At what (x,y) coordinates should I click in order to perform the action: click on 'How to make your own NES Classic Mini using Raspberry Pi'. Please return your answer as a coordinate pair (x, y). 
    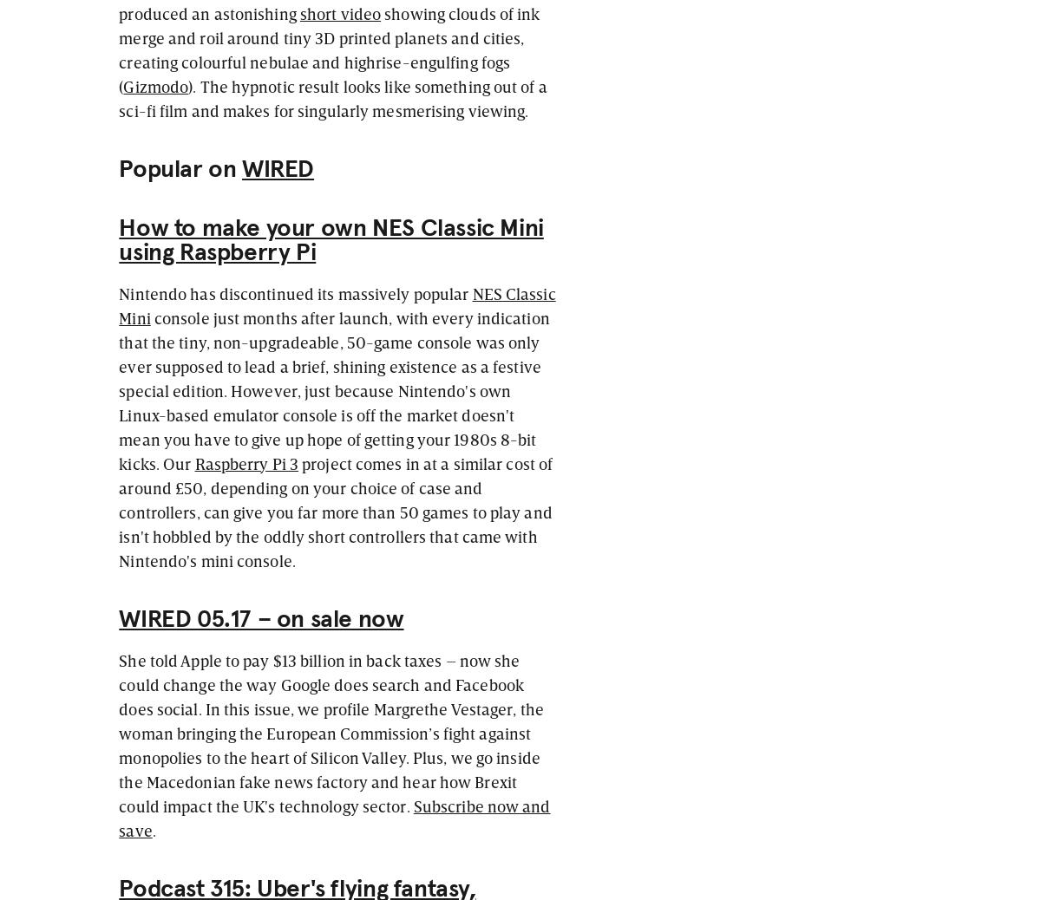
    Looking at the image, I should click on (331, 240).